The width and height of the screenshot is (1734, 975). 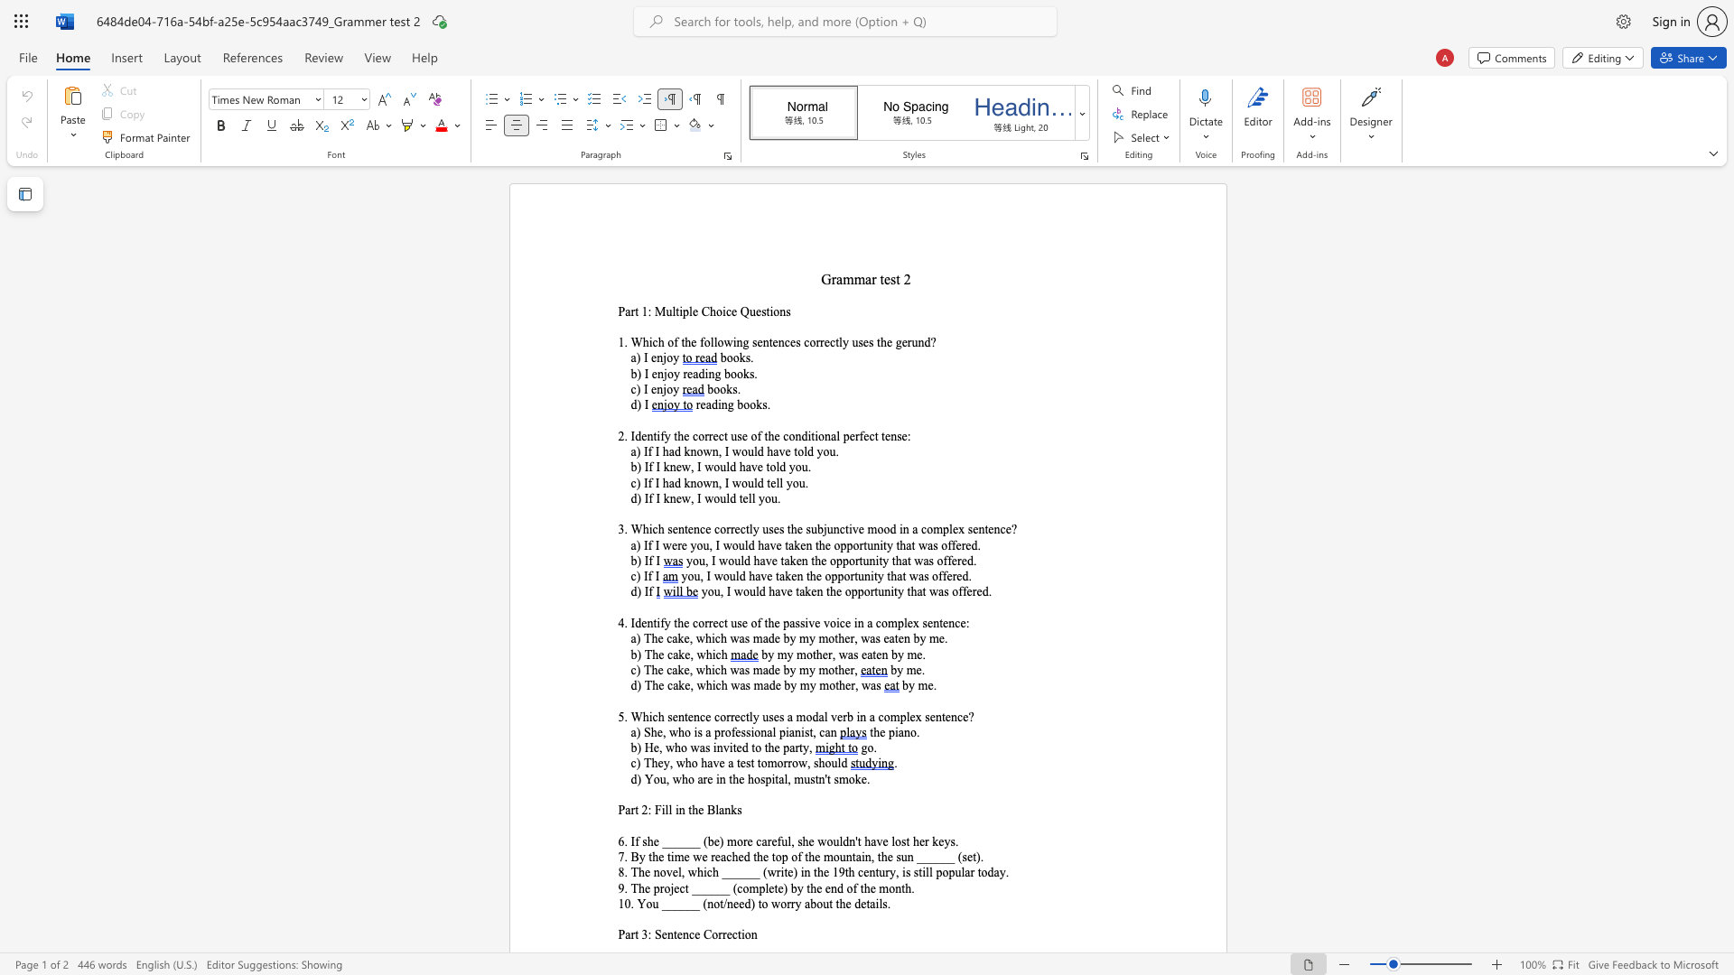 I want to click on the subset text "f I" within the text "c) If I", so click(x=648, y=576).